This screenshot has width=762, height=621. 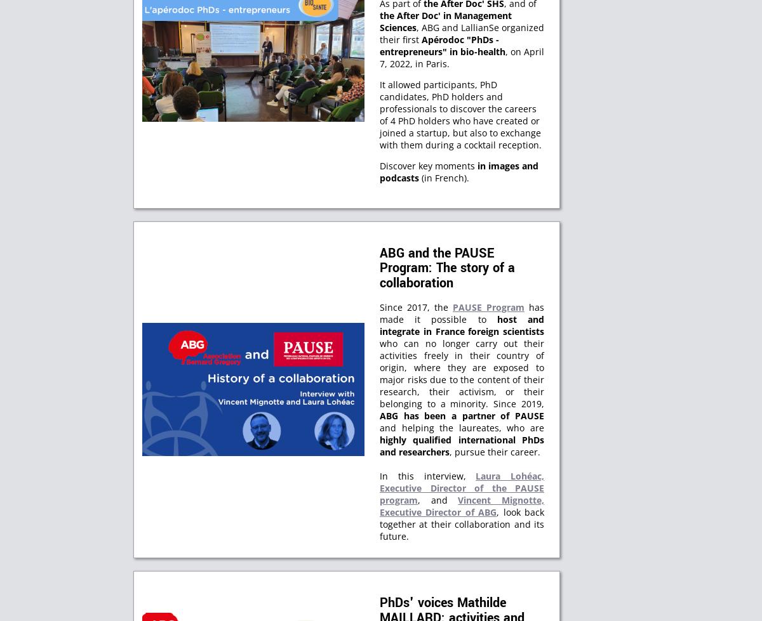 I want to click on 'Vincent Mignotte, Executive Director of ABG', so click(x=462, y=505).